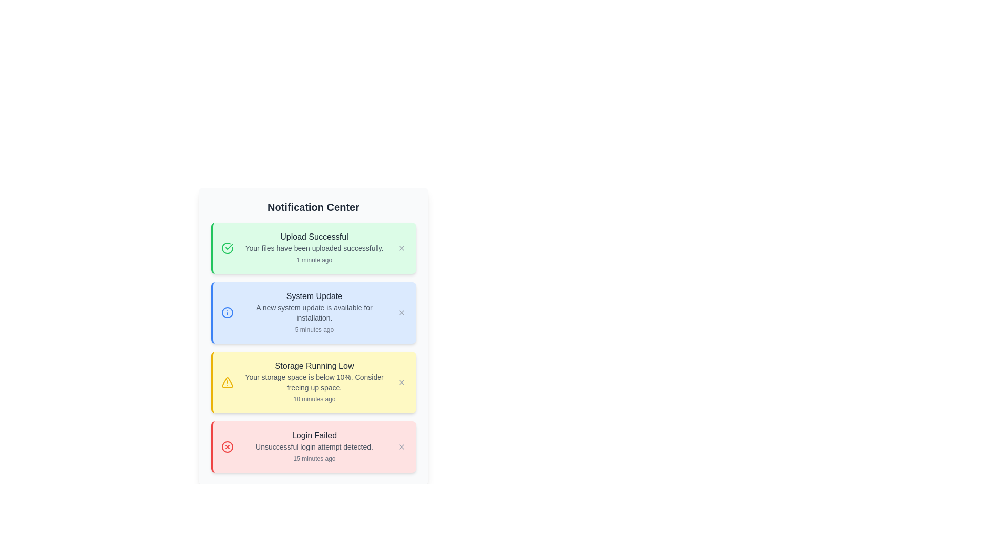 The height and width of the screenshot is (553, 984). Describe the element at coordinates (314, 248) in the screenshot. I see `the text element stating 'Your files have been uploaded successfully', which is located directly below the heading 'Upload Successful' in the Notification Center` at that location.